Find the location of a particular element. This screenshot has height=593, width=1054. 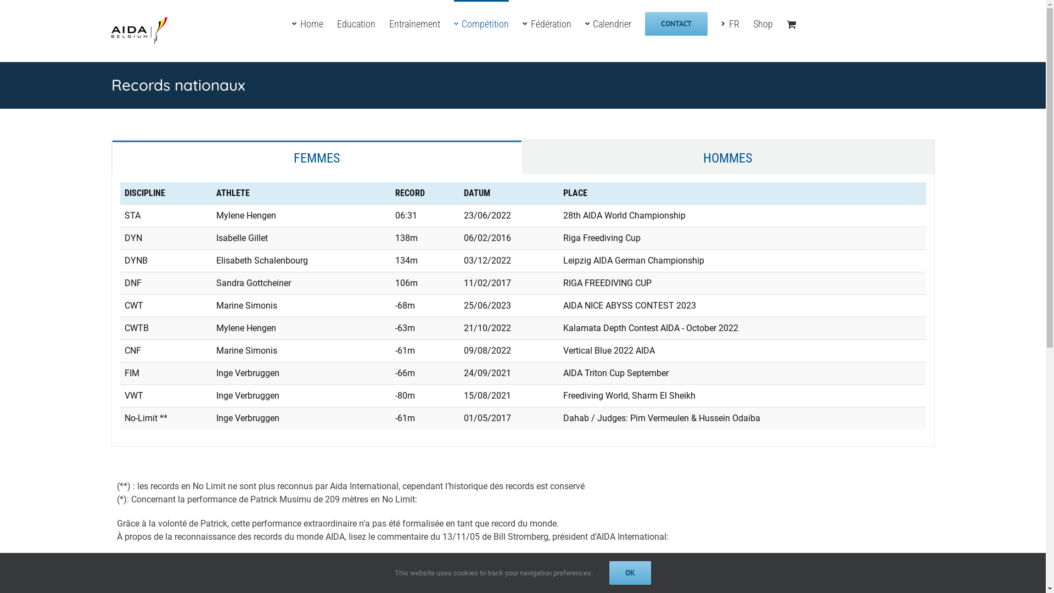

'Education' is located at coordinates (356, 23).